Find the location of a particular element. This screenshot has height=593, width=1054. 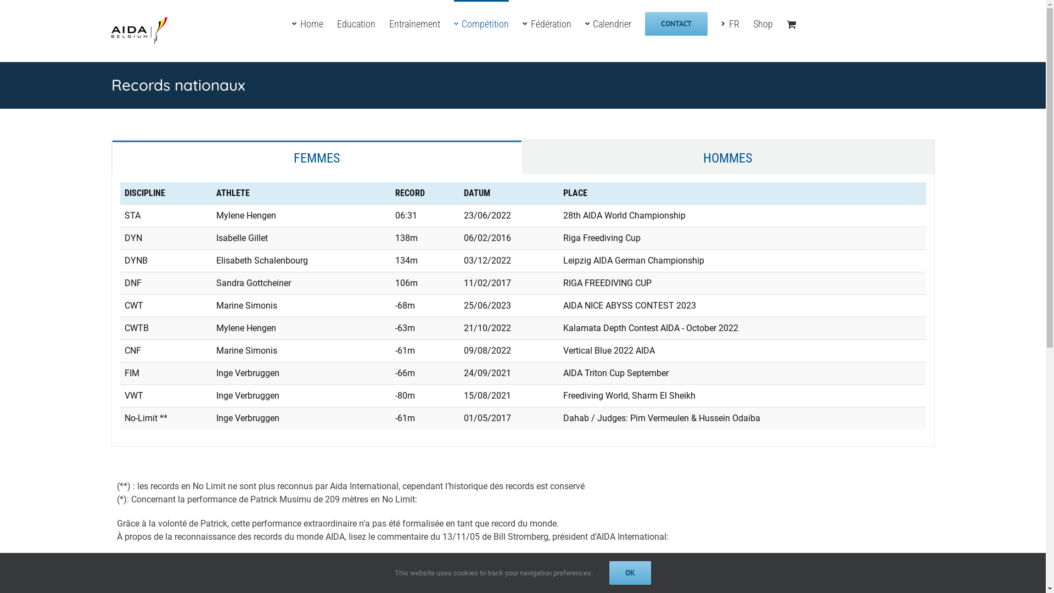

'Education' is located at coordinates (356, 23).